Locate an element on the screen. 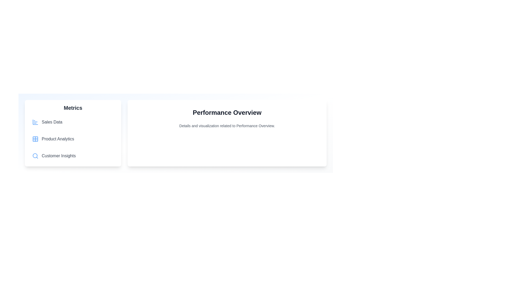 This screenshot has width=507, height=285. text of the 'Sales Data' label located at the top of a vertical list, next to a bar chart icon is located at coordinates (52, 122).